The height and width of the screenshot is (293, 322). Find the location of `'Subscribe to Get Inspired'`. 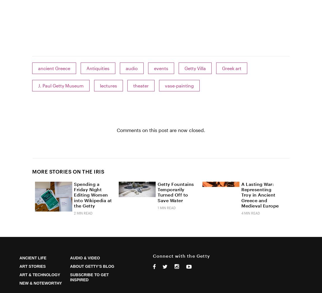

'Subscribe to Get Inspired' is located at coordinates (70, 277).